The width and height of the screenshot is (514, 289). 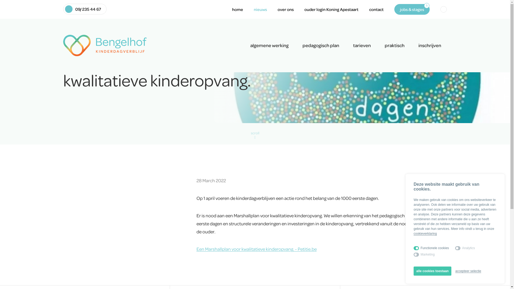 What do you see at coordinates (260, 9) in the screenshot?
I see `'nieuws'` at bounding box center [260, 9].